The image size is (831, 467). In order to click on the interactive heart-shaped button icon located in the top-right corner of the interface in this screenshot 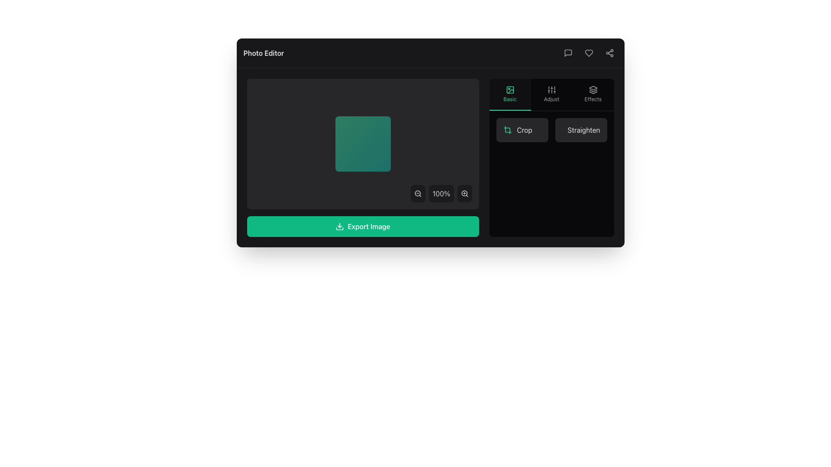, I will do `click(589, 53)`.